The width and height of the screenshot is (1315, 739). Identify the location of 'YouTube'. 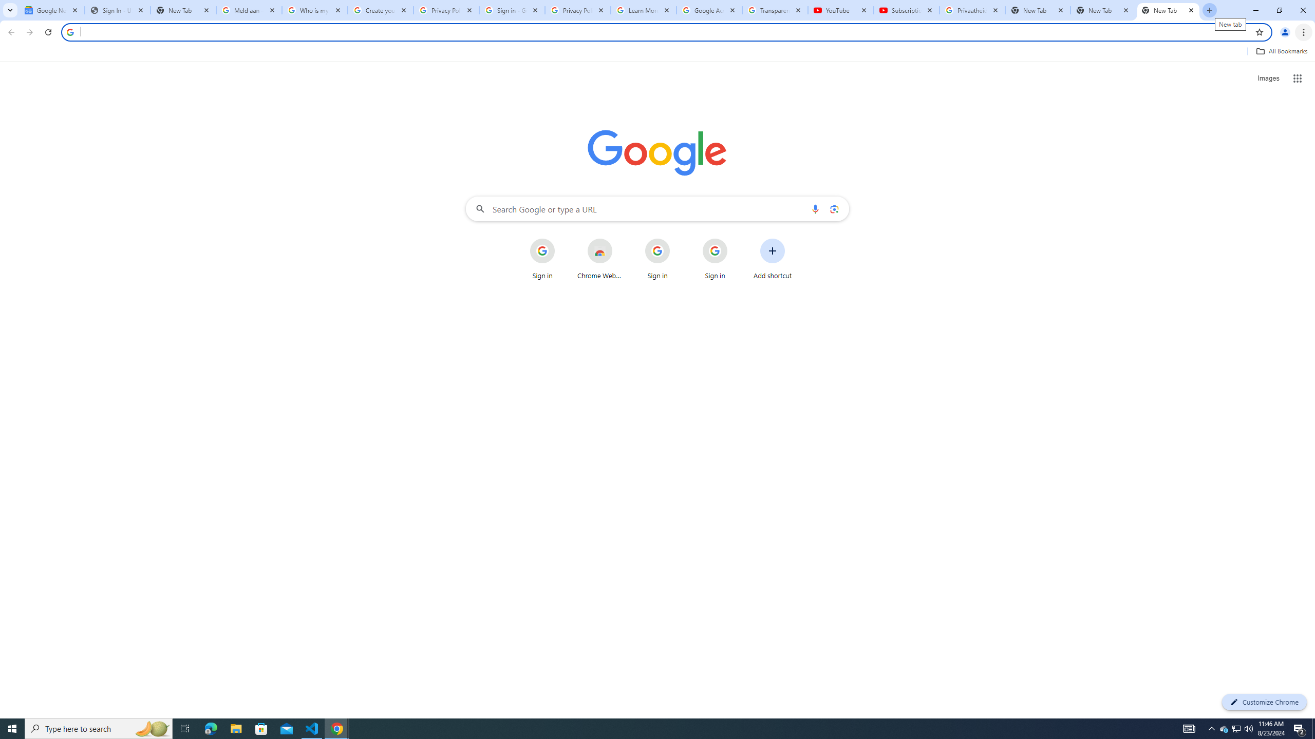
(840, 10).